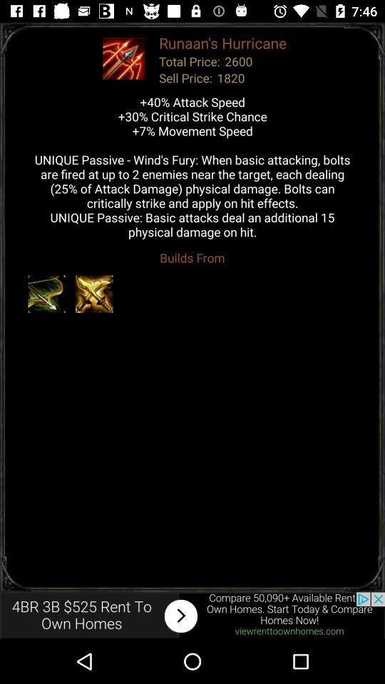  I want to click on advertisements website, so click(192, 615).